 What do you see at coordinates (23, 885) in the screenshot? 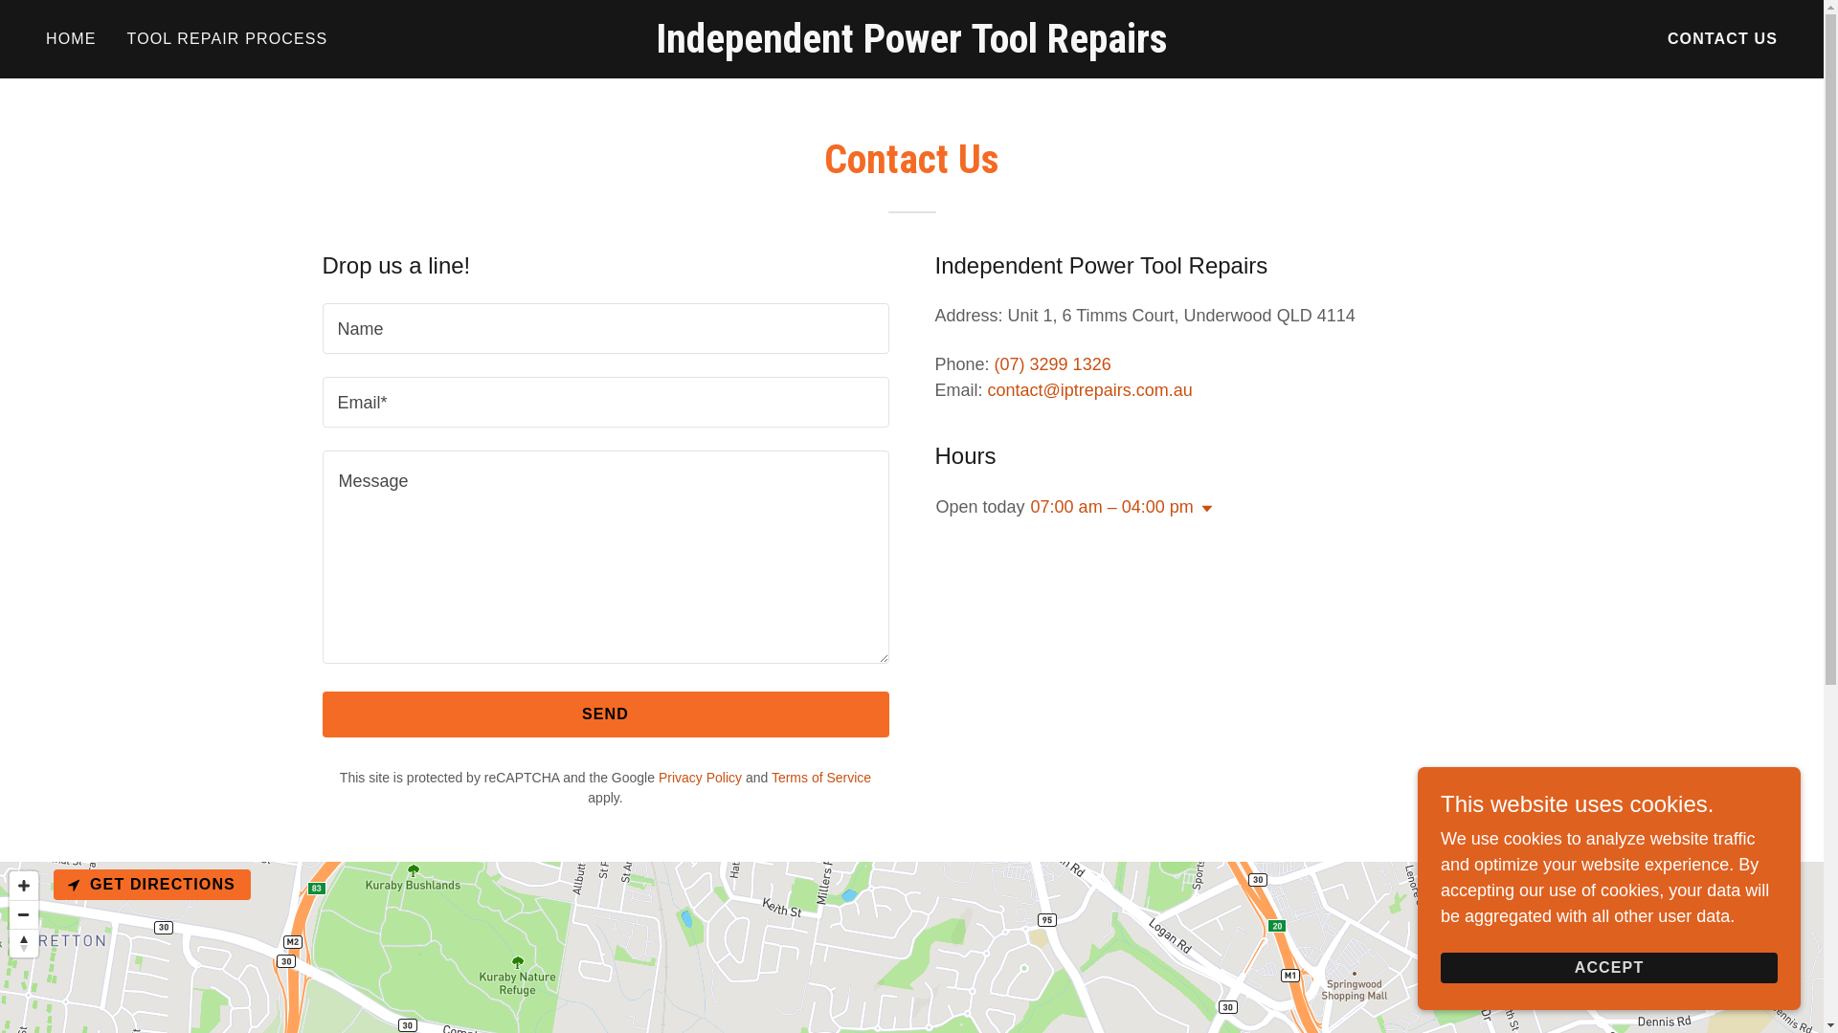
I see `'Zoom in'` at bounding box center [23, 885].